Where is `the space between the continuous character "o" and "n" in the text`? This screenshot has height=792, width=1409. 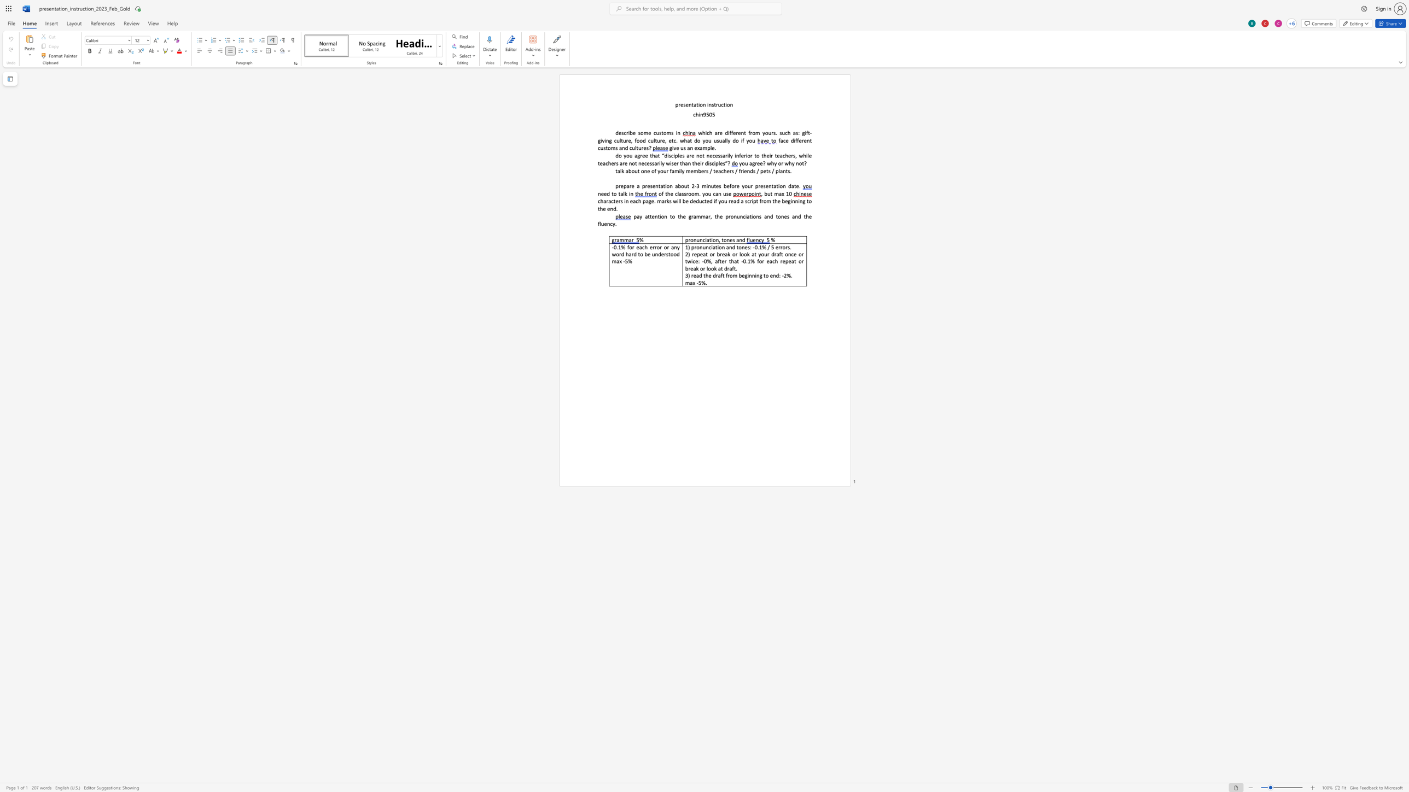
the space between the continuous character "o" and "n" in the text is located at coordinates (783, 185).